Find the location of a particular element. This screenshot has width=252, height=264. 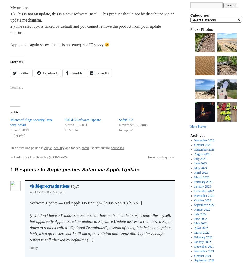

'More Photos' is located at coordinates (198, 126).